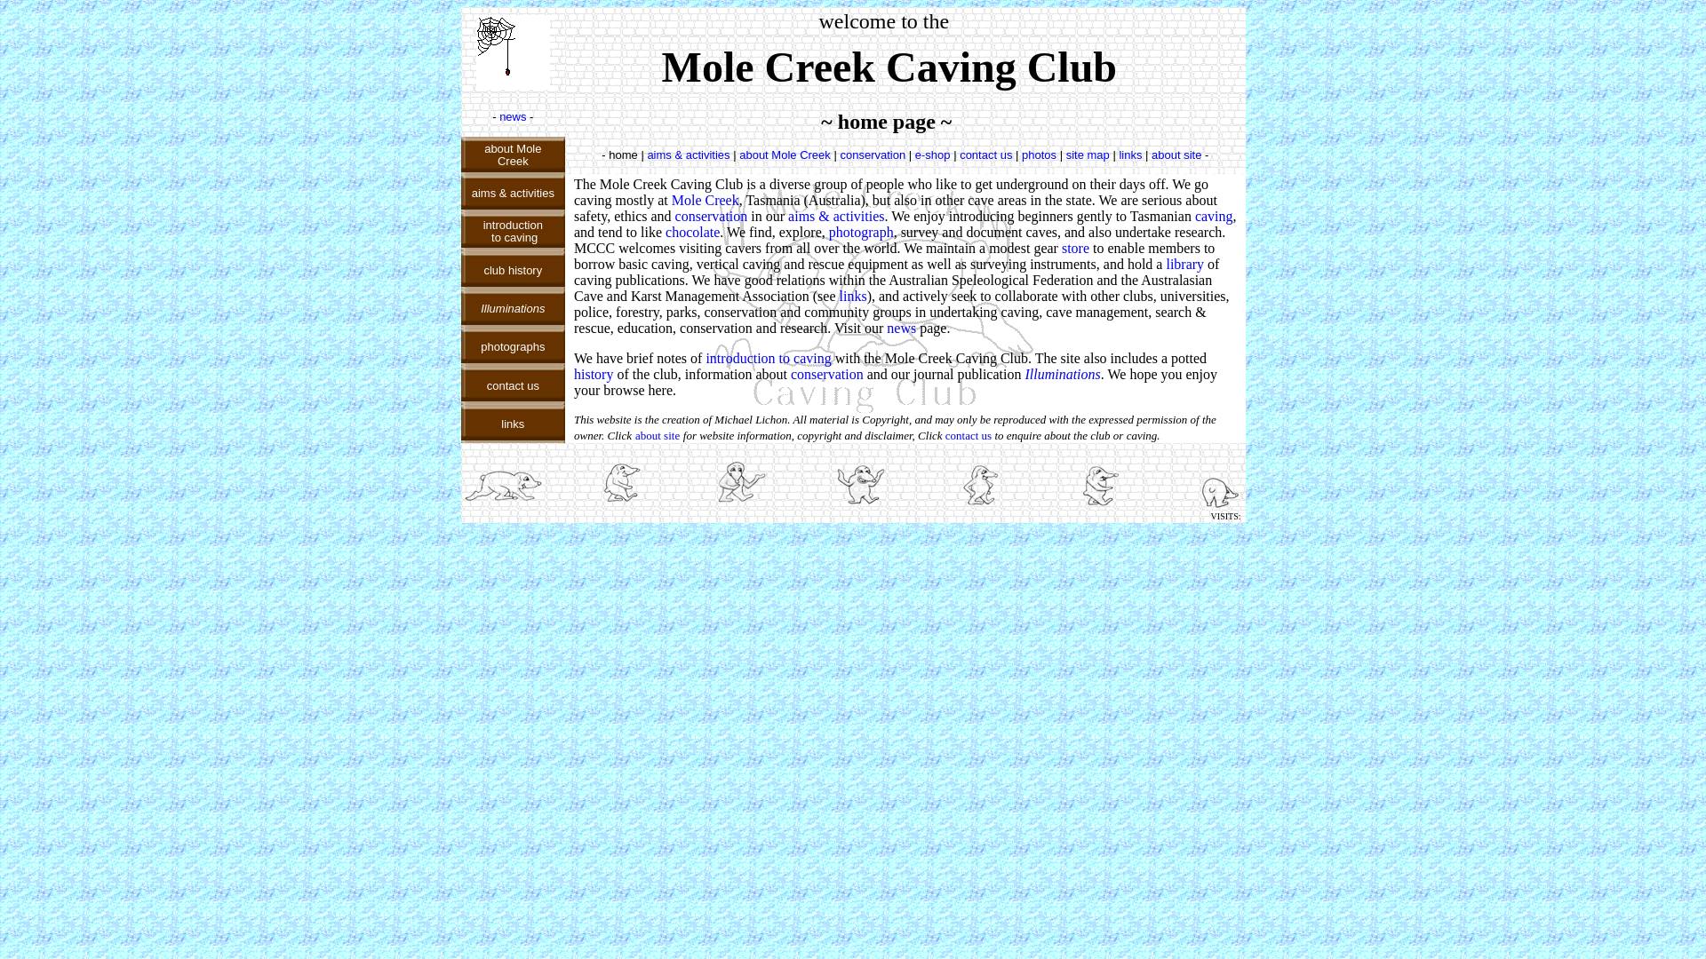 The width and height of the screenshot is (1706, 959). What do you see at coordinates (704, 200) in the screenshot?
I see `'Mole Creek'` at bounding box center [704, 200].